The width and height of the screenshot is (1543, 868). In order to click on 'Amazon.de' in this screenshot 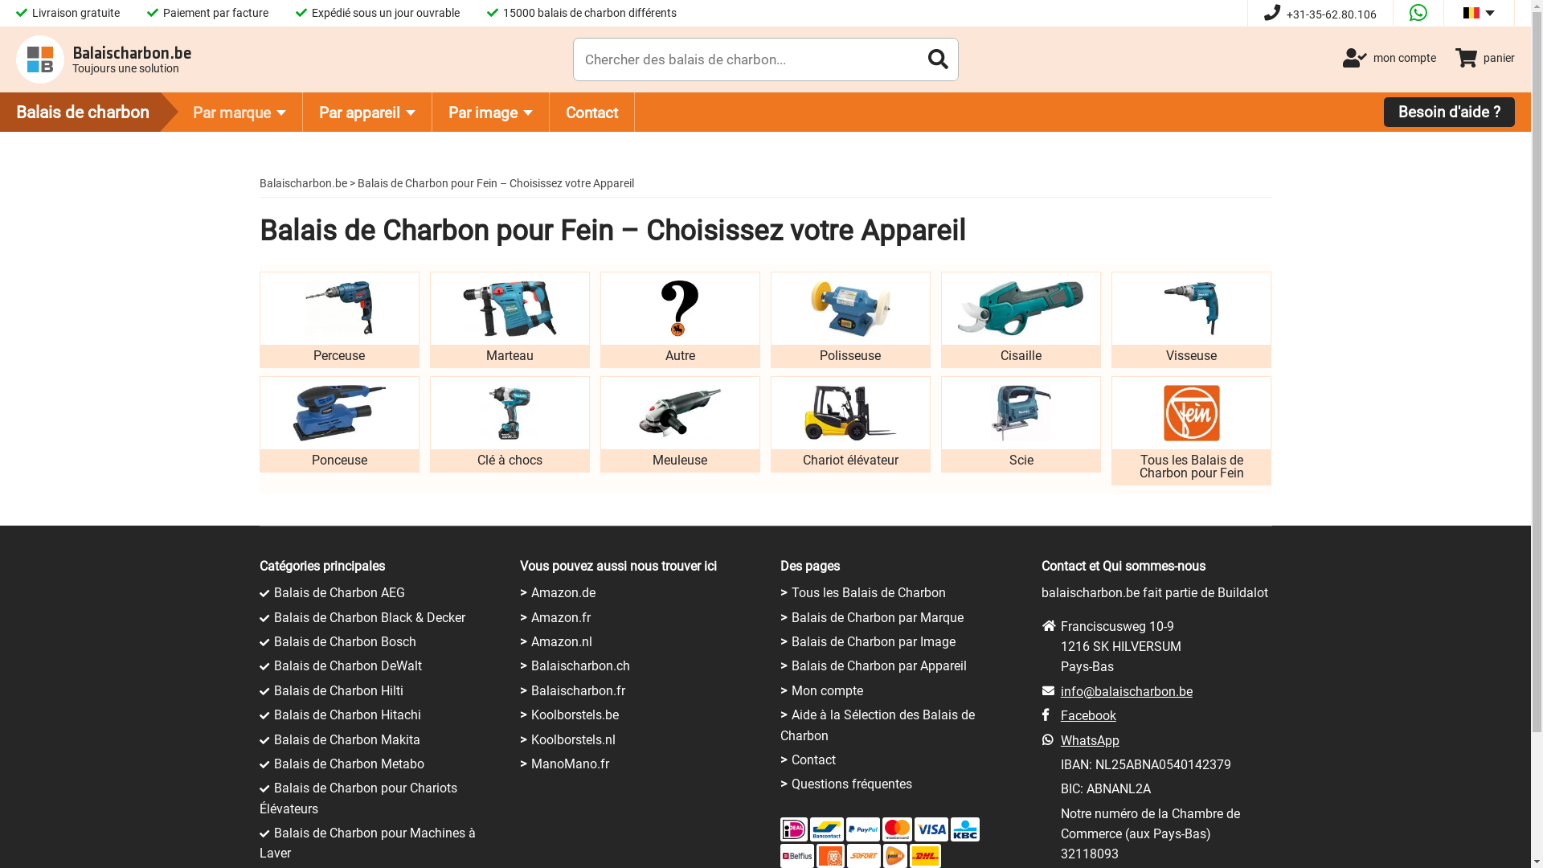, I will do `click(563, 592)`.